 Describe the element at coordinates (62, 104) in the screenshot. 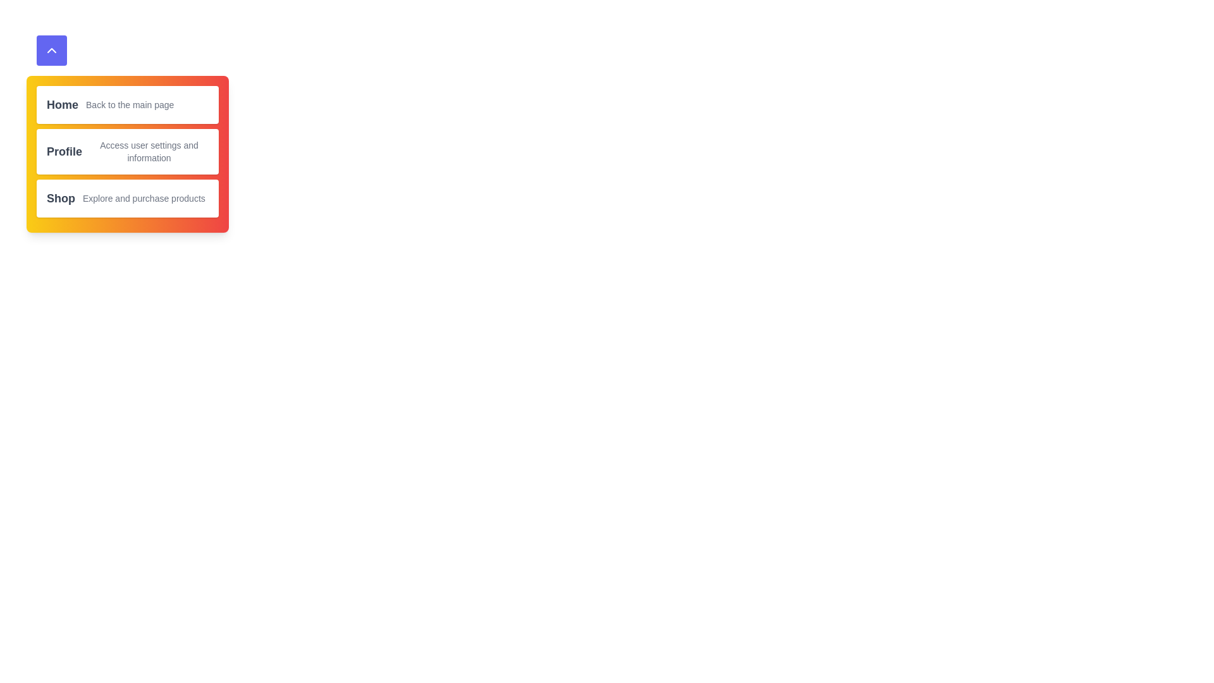

I see `the menu item labeled Home` at that location.